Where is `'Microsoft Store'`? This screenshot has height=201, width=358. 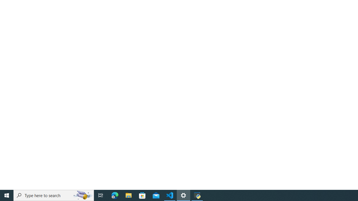 'Microsoft Store' is located at coordinates (142, 195).